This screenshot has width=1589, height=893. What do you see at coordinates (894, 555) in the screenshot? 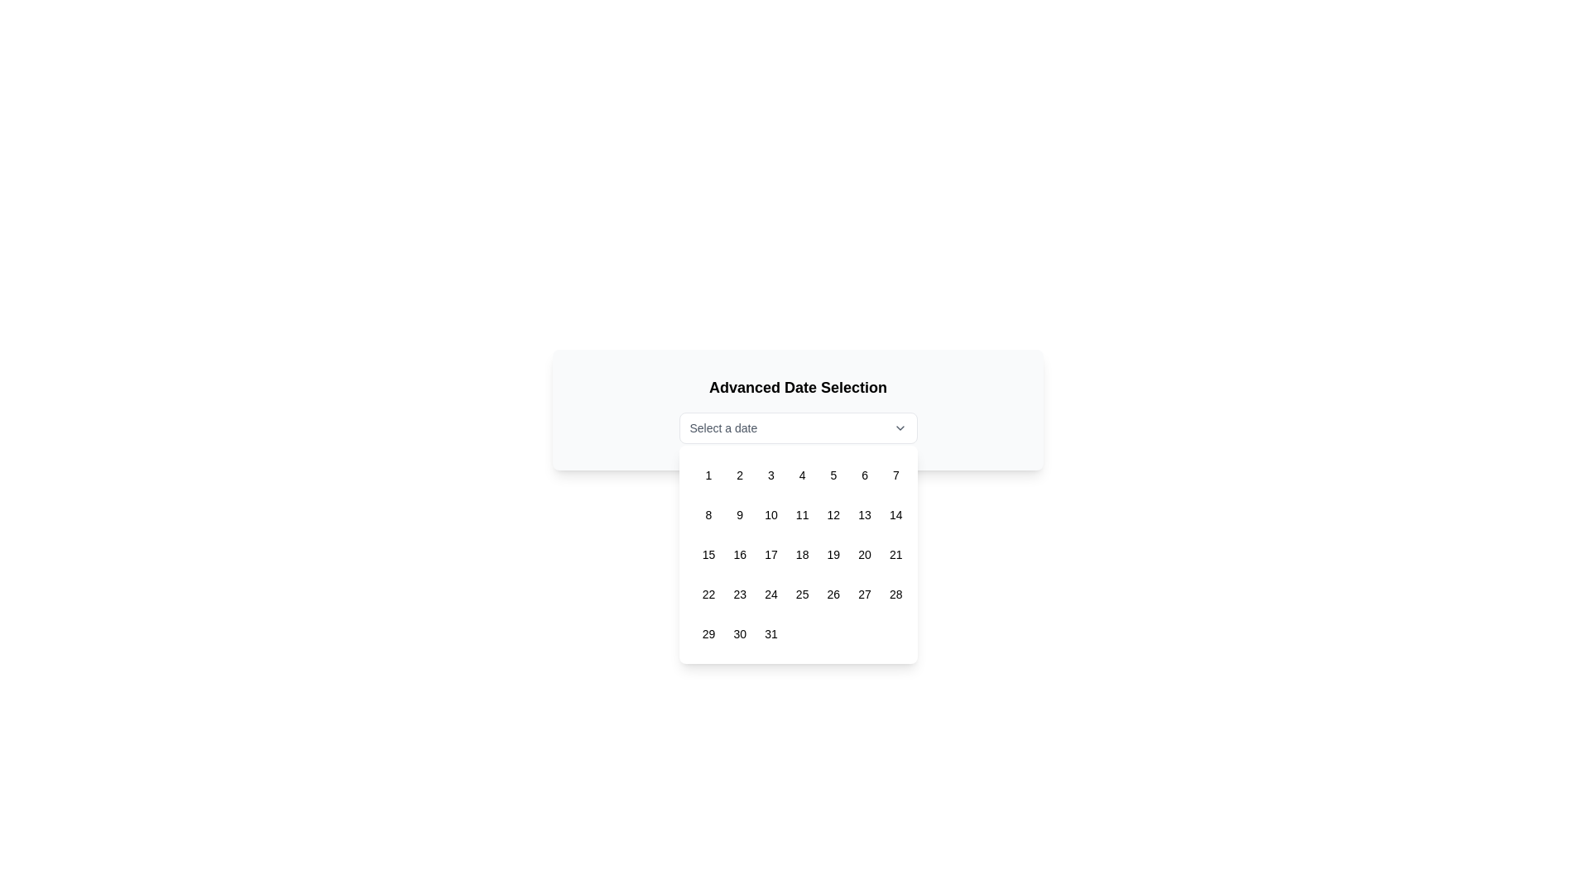
I see `the square button labeled '21' located in the third row and seventh column of the 7x5 grid` at bounding box center [894, 555].